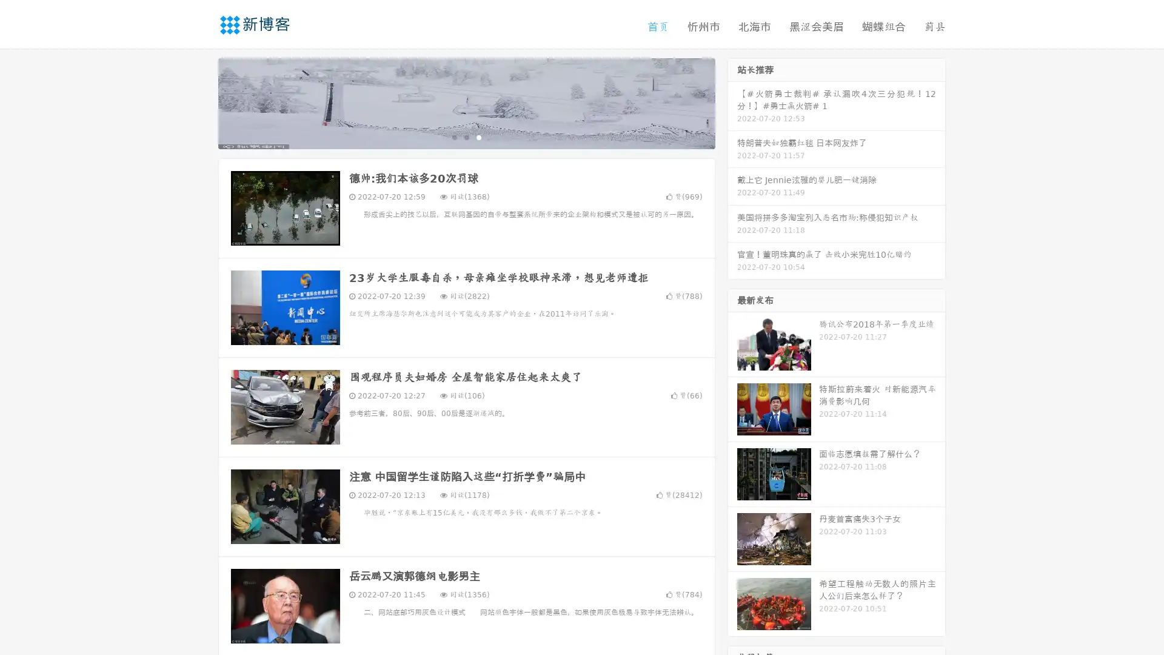  What do you see at coordinates (466, 136) in the screenshot?
I see `Go to slide 2` at bounding box center [466, 136].